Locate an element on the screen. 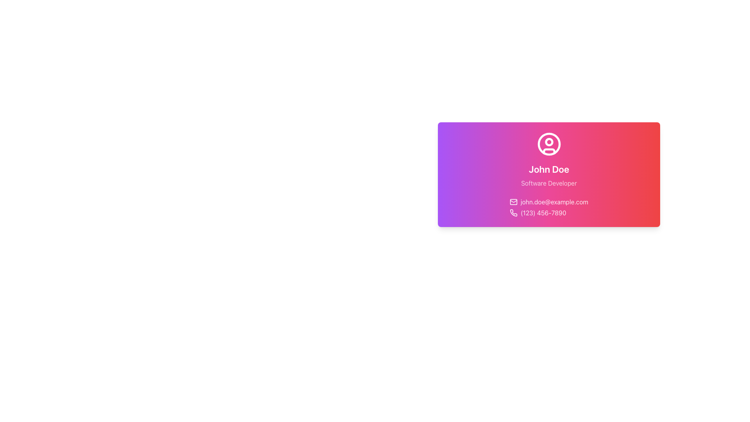  the pink rectangular shape that is the inner rectangle of the envelope icon, located to the left of the email address 'john.doe@example.com' is located at coordinates (514, 201).